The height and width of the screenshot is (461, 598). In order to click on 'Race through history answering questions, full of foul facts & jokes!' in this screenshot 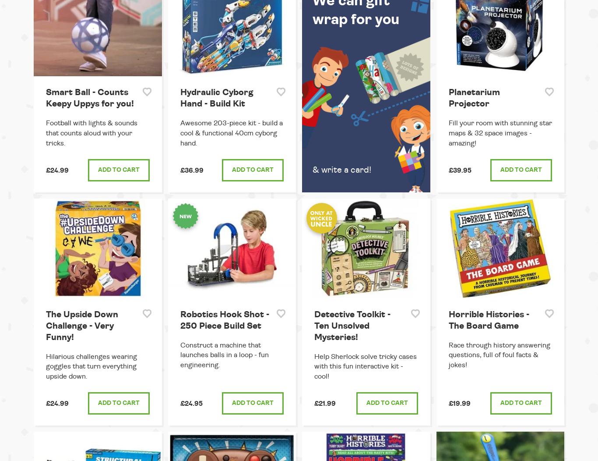, I will do `click(499, 355)`.